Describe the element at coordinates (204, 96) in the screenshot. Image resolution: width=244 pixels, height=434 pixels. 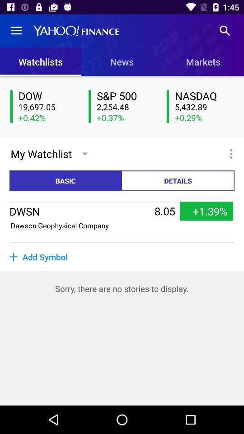
I see `icon below markets item` at that location.